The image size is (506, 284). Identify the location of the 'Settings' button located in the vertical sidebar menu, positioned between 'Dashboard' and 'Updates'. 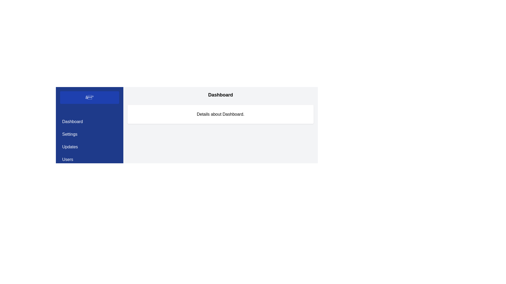
(90, 134).